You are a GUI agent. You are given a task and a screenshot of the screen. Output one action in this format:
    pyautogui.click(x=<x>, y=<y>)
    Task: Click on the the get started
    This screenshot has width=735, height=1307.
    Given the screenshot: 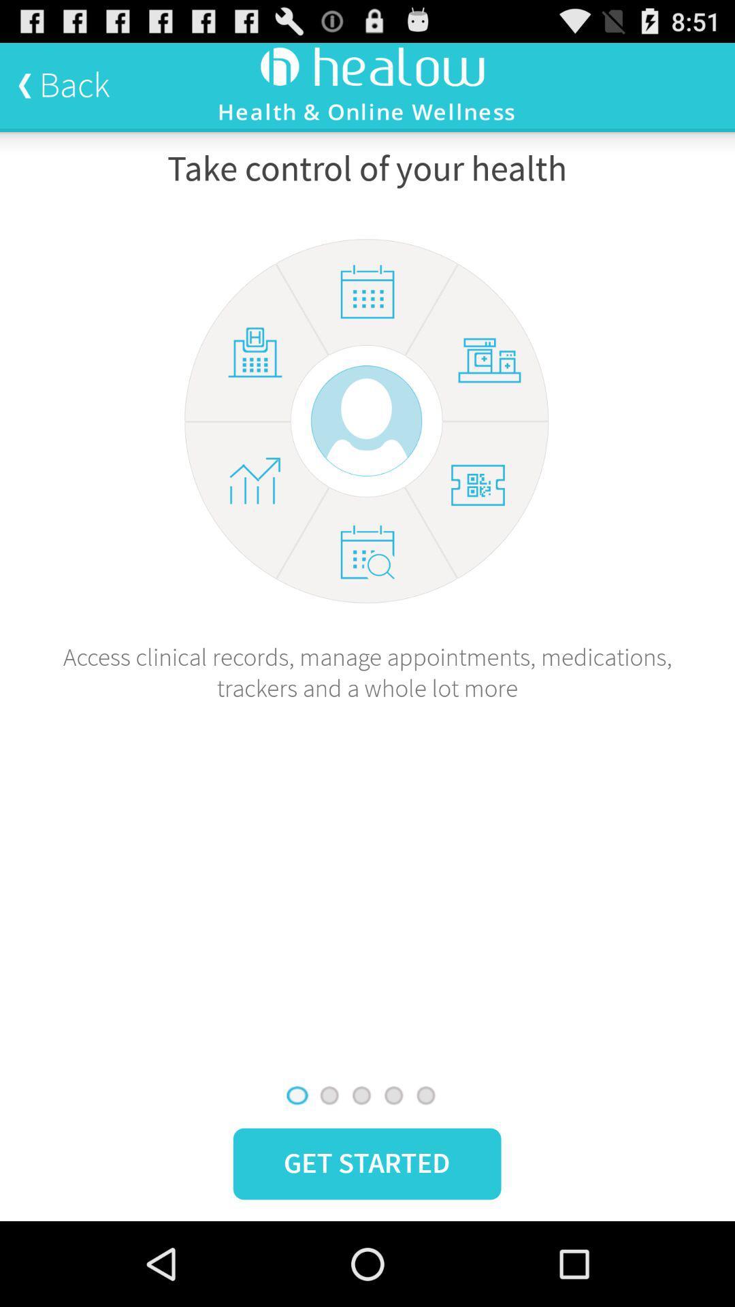 What is the action you would take?
    pyautogui.click(x=366, y=1163)
    